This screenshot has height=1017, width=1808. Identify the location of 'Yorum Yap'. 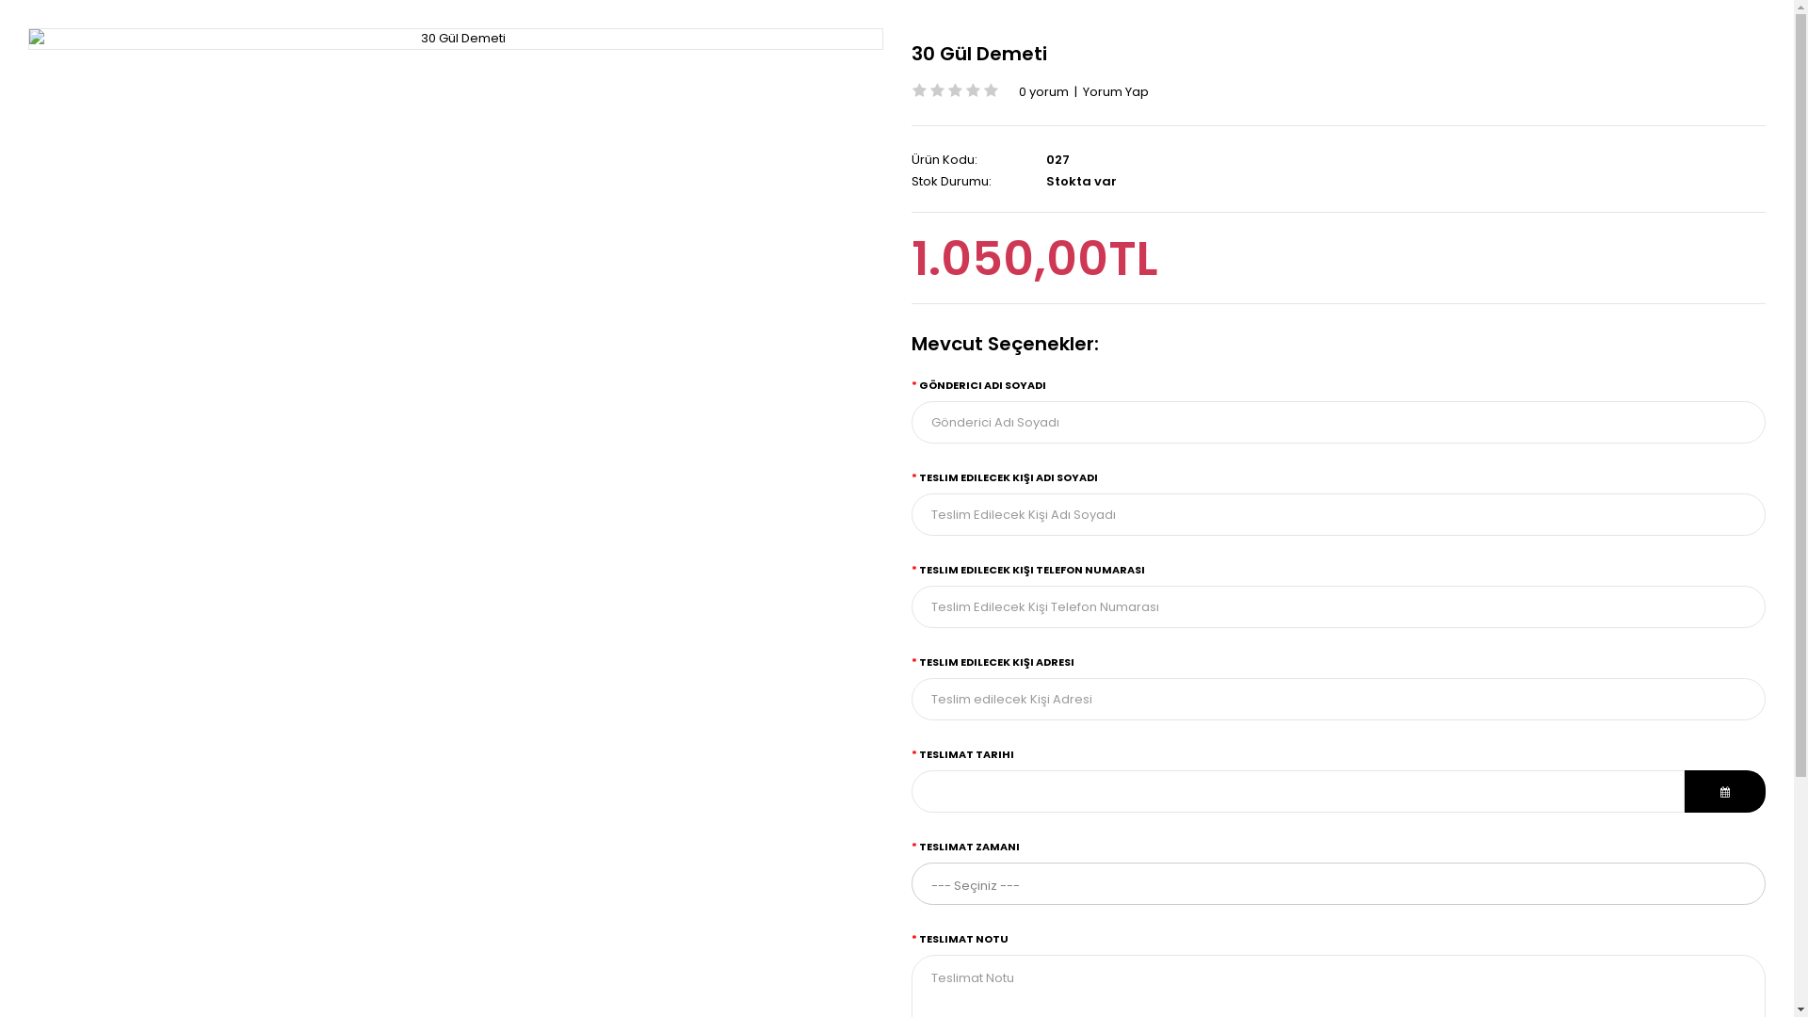
(1116, 91).